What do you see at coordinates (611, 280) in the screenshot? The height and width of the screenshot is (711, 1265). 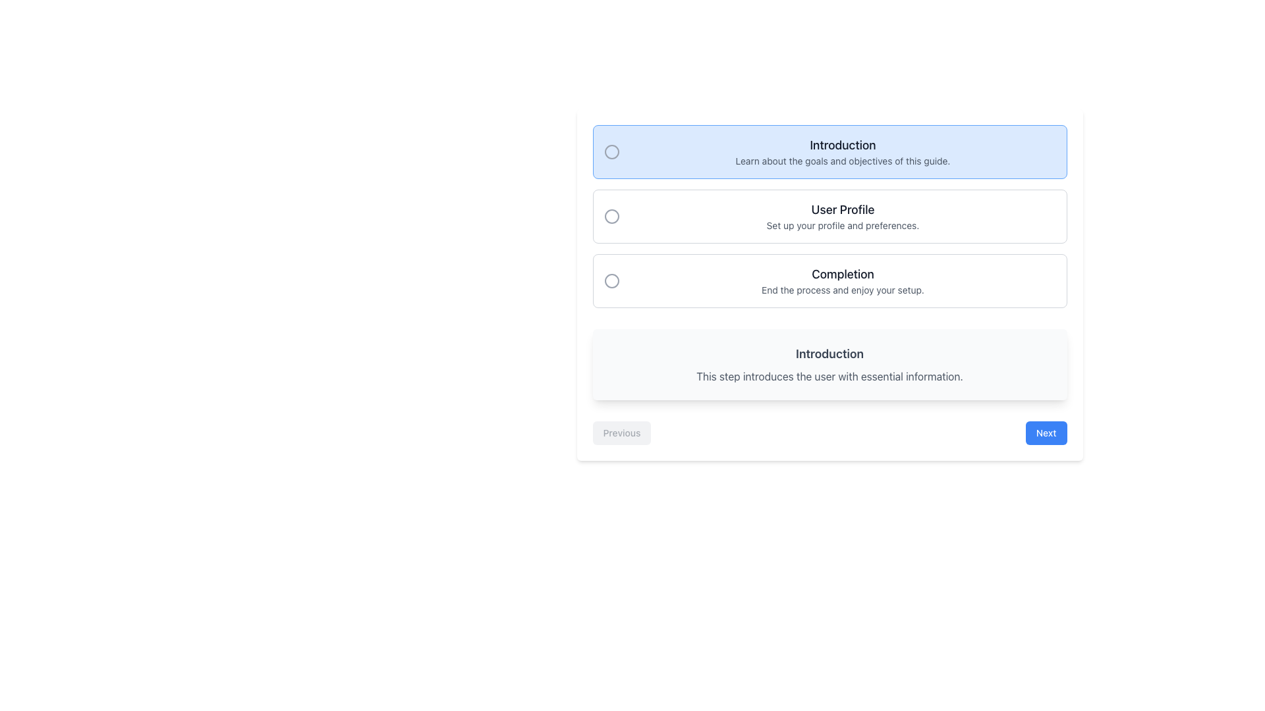 I see `the decorative or interactive marker for the 'Completion' step in the setup process, located to the left of the descriptive text` at bounding box center [611, 280].